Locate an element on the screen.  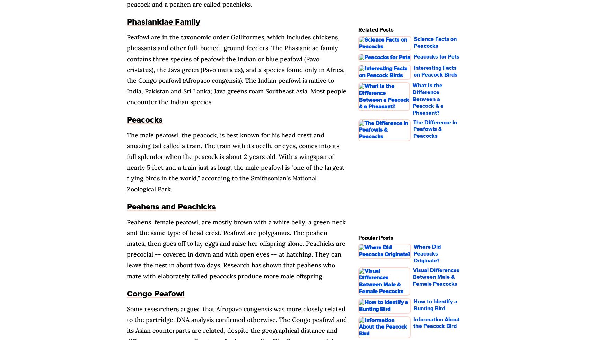
'Peafowl are in the taxonomic order Galliformes, which includes chickens, pheasants and other full-bodied, ground feeders. The Phasianidae family contains three species of peafowl: the Indian or blue peafowl (Pavo cristatus), the Java green (Pavo muticus), and a species found only in Africa, the Congo peafowl (Afropaco congensis). The Indian peafowl is native to India, Pakistan and Sri Lanka; Java greens roam Southeast Asia. Most people encounter the Indian species.' is located at coordinates (237, 69).